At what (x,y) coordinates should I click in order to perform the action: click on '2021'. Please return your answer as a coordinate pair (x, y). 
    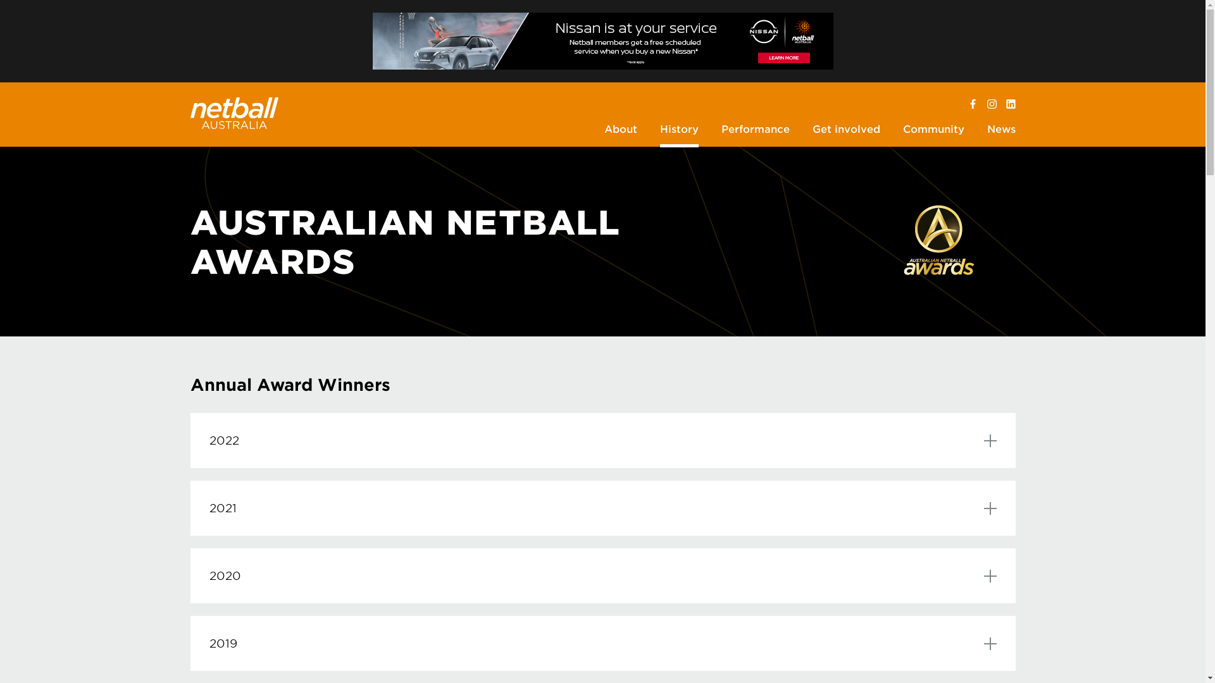
    Looking at the image, I should click on (189, 507).